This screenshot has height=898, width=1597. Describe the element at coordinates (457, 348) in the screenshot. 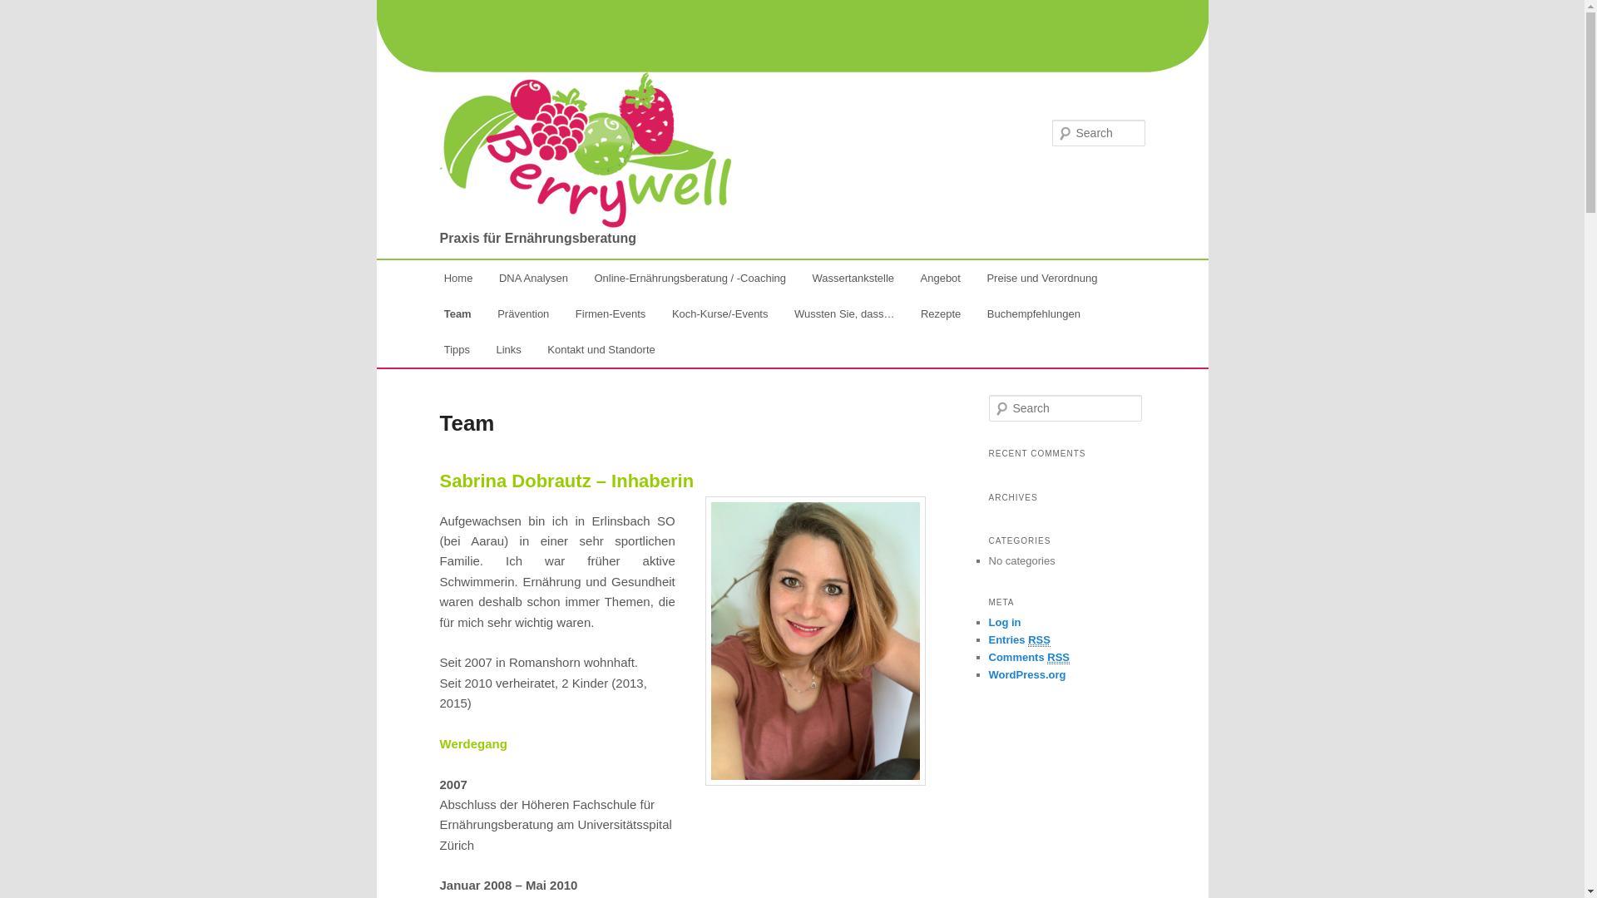

I see `'Tipps'` at that location.